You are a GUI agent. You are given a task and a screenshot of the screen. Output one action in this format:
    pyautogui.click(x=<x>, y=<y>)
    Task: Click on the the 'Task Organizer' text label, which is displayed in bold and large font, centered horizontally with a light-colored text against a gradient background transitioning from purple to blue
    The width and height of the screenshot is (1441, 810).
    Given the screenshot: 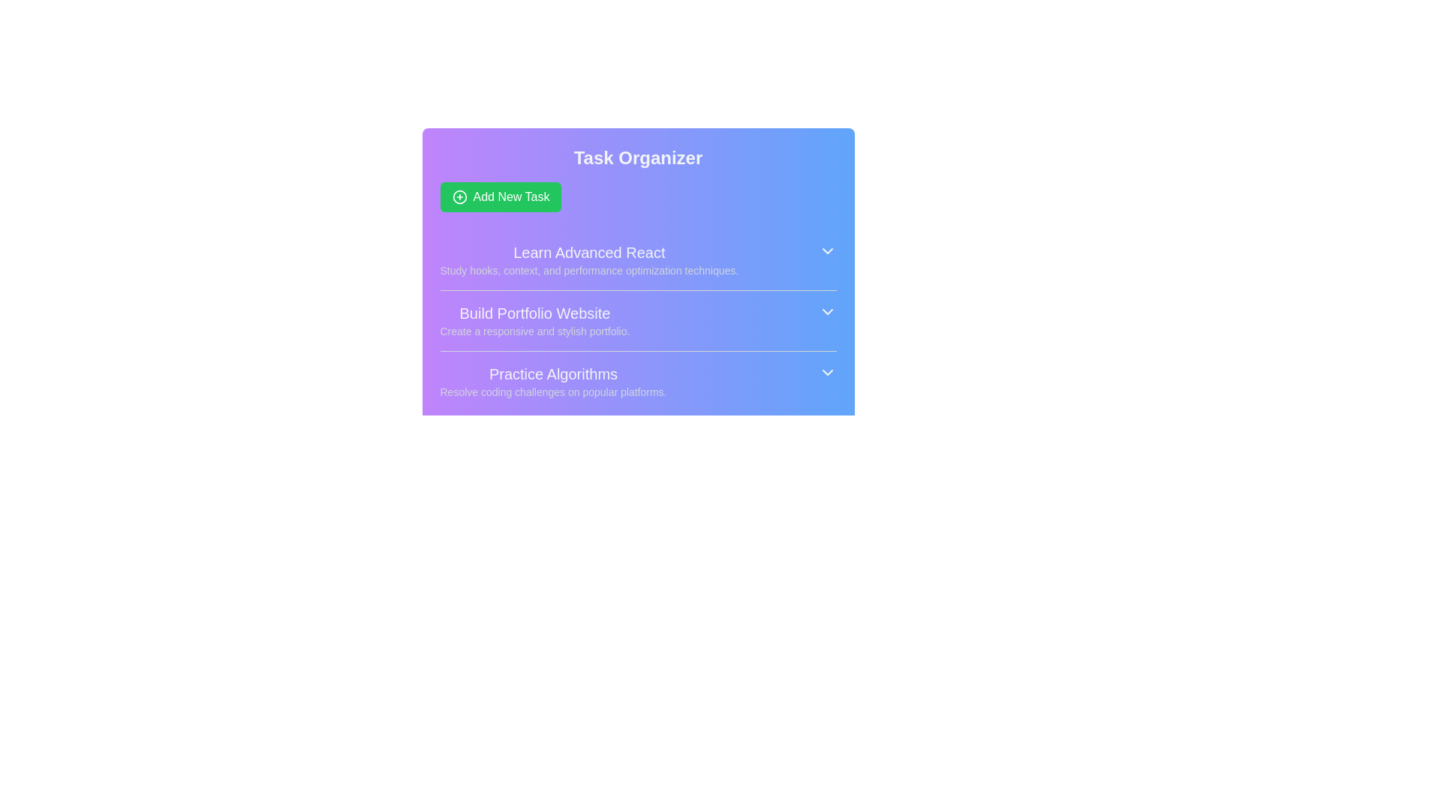 What is the action you would take?
    pyautogui.click(x=638, y=158)
    